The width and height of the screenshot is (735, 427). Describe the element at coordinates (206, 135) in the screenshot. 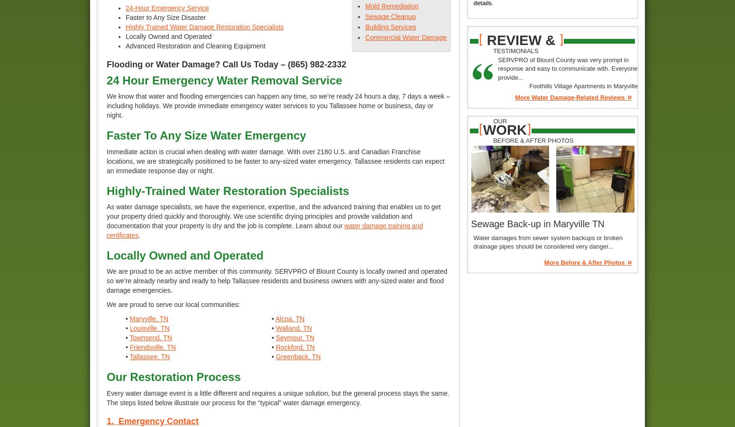

I see `'Faster To Any Size Water Emergency'` at that location.